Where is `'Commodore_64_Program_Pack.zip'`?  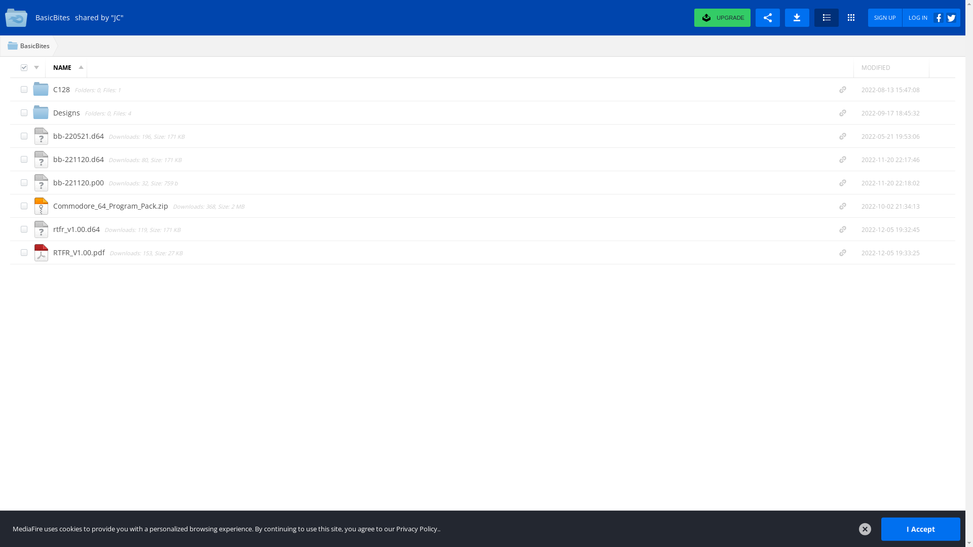 'Commodore_64_Program_Pack.zip' is located at coordinates (111, 205).